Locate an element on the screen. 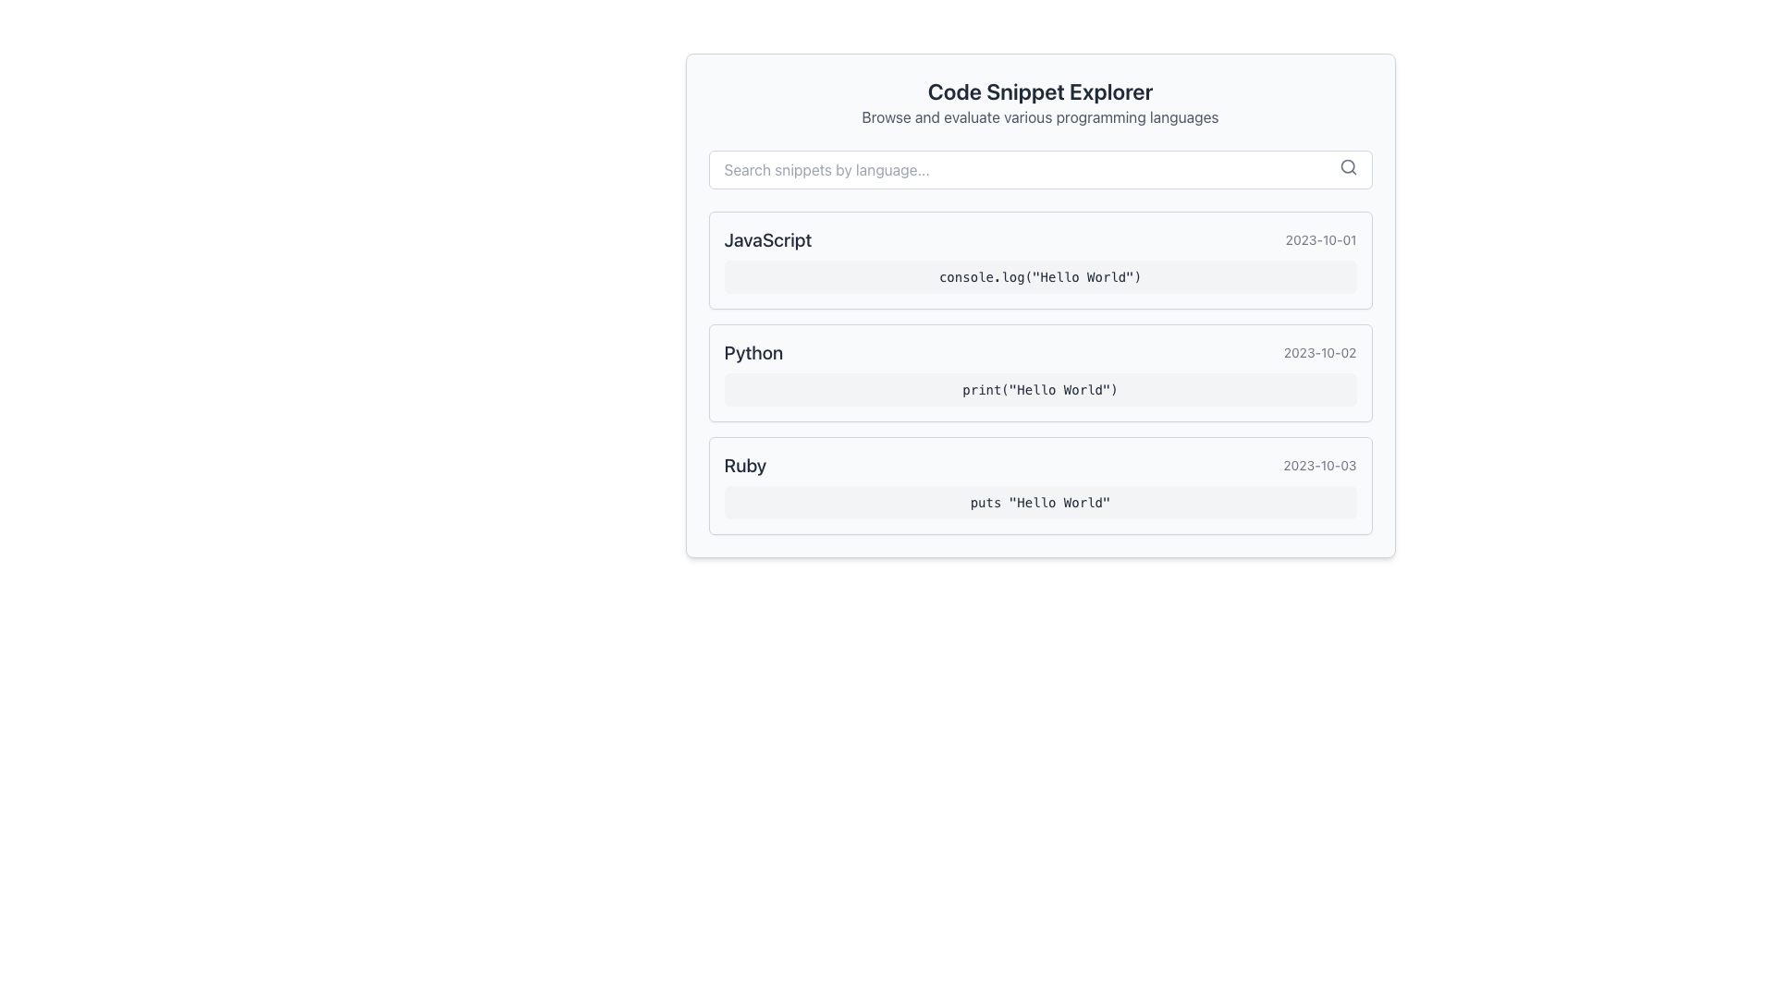 This screenshot has width=1775, height=998. the search icon represented by the SVG graphic of a magnifying glass, which is located at the top-right corner of the application interface is located at coordinates (1347, 166).